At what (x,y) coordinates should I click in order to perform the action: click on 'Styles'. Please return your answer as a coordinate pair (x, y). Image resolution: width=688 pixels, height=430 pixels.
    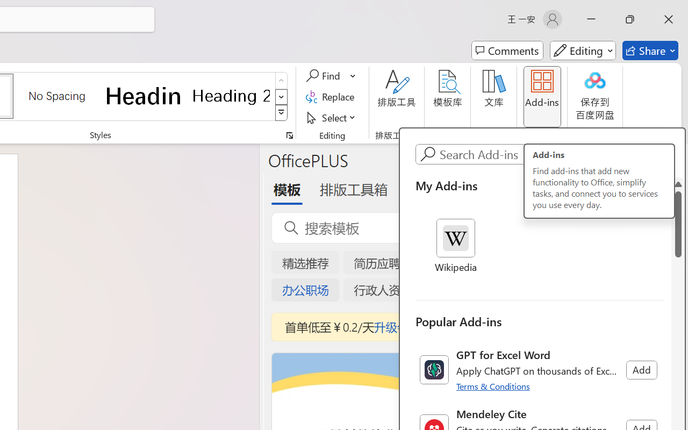
    Looking at the image, I should click on (281, 113).